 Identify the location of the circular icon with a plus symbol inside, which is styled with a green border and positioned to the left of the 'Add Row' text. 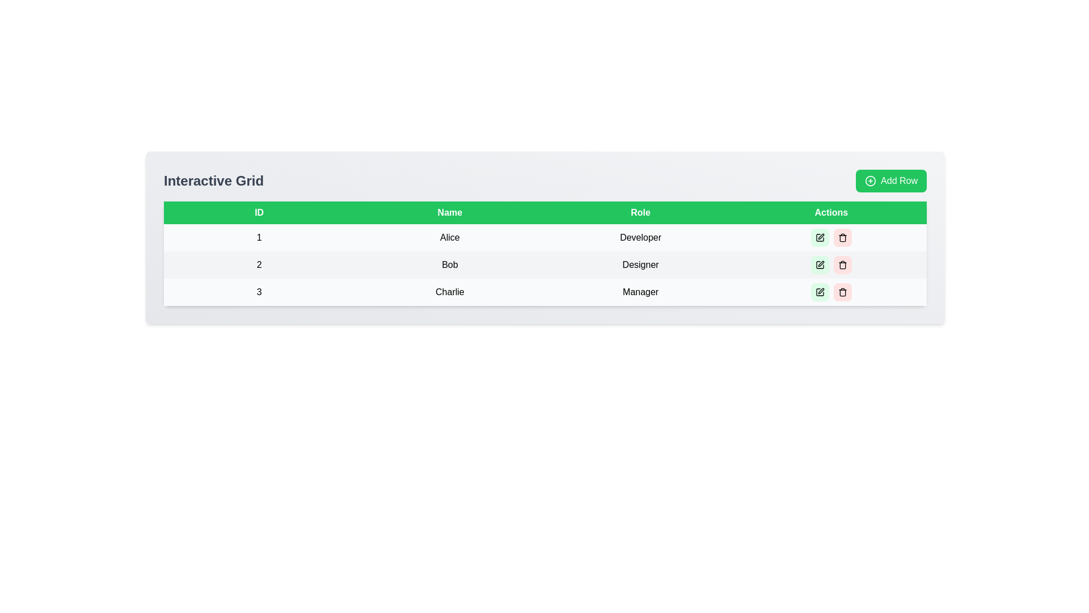
(870, 180).